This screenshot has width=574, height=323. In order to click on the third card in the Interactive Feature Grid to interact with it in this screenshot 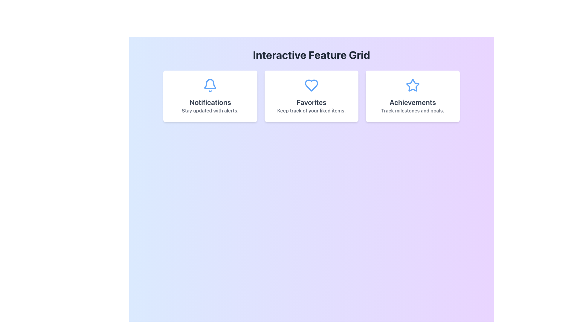, I will do `click(412, 96)`.